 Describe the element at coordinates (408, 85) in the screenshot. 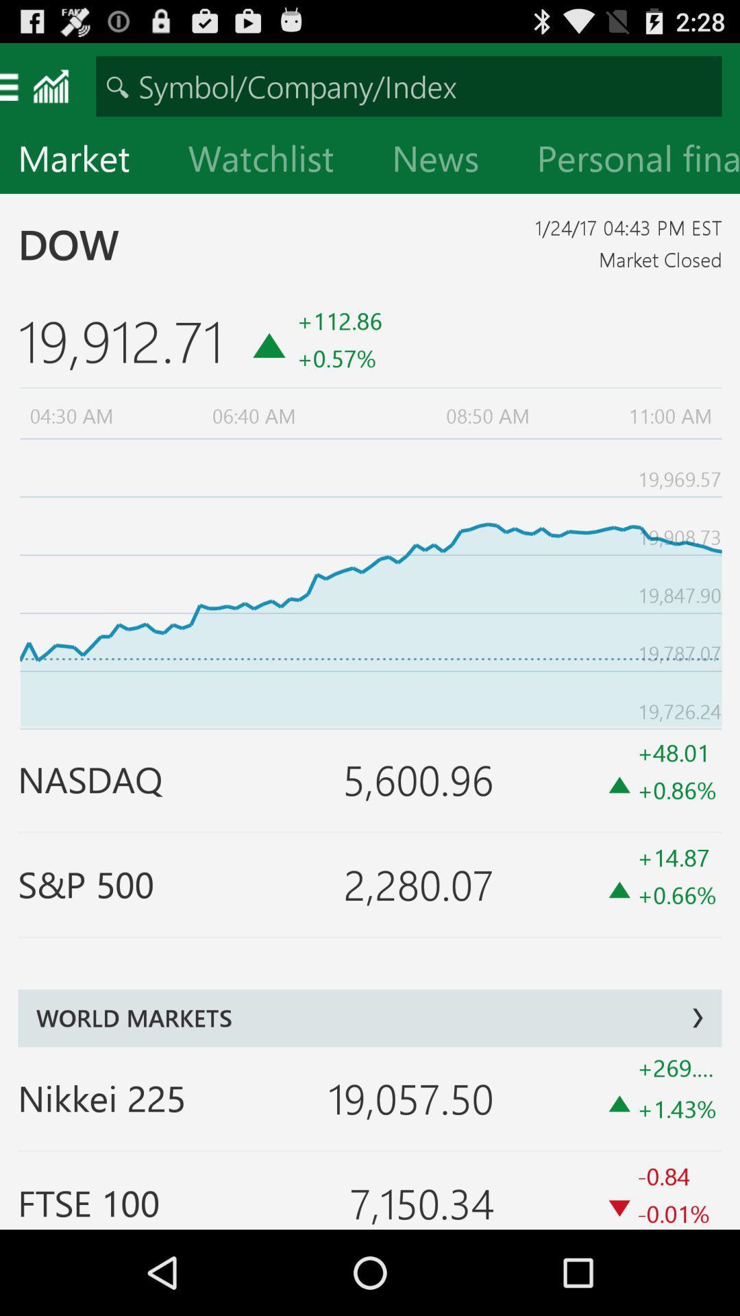

I see `open search bar` at that location.